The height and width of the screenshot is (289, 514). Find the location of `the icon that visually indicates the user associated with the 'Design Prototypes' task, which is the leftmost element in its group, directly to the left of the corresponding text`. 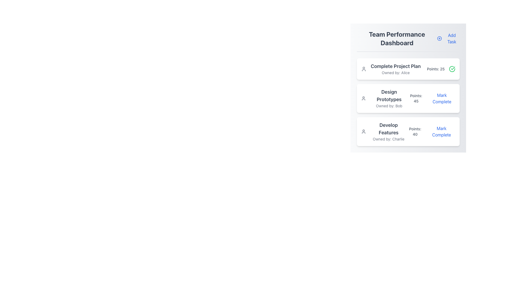

the icon that visually indicates the user associated with the 'Design Prototypes' task, which is the leftmost element in its group, directly to the left of the corresponding text is located at coordinates (364, 98).